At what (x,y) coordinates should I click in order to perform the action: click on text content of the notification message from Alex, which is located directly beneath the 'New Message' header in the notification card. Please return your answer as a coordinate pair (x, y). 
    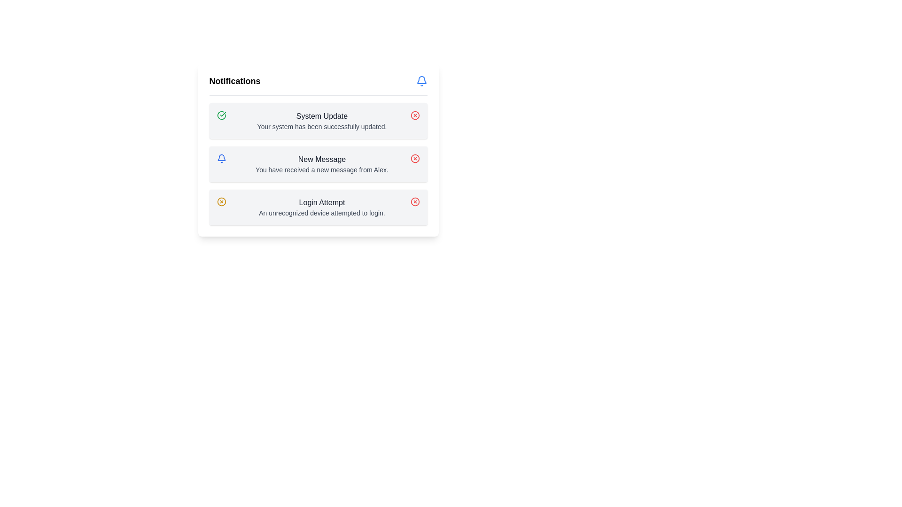
    Looking at the image, I should click on (322, 170).